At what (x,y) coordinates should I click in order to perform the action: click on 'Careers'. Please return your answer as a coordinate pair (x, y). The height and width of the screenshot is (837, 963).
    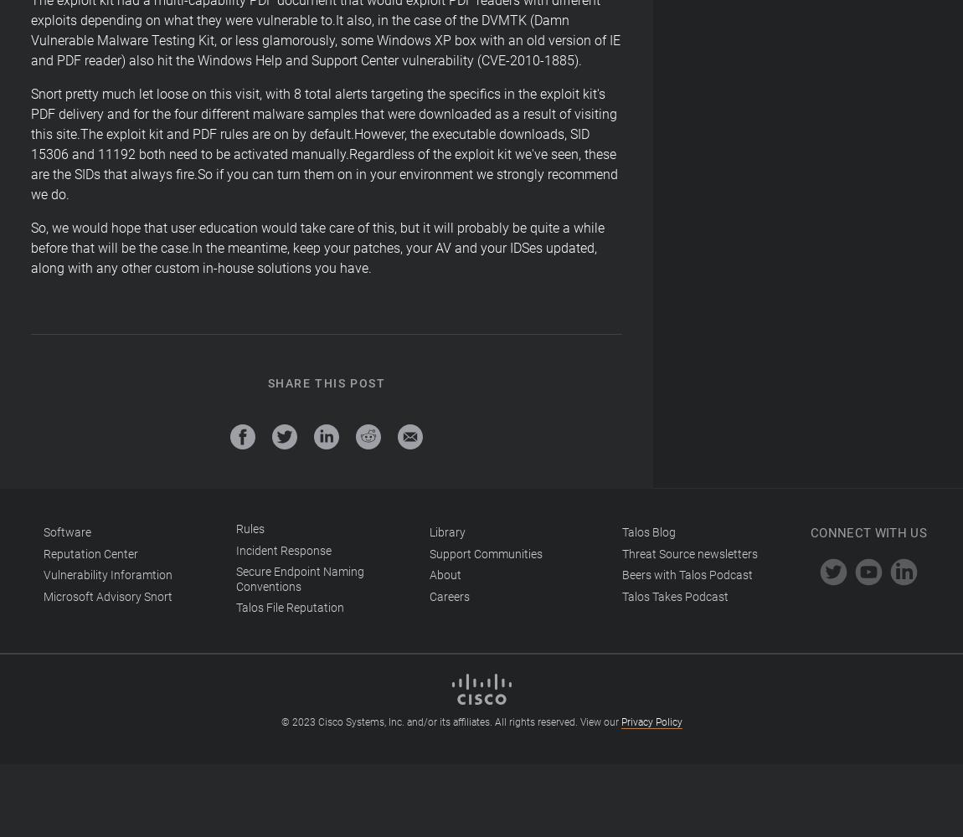
    Looking at the image, I should click on (449, 595).